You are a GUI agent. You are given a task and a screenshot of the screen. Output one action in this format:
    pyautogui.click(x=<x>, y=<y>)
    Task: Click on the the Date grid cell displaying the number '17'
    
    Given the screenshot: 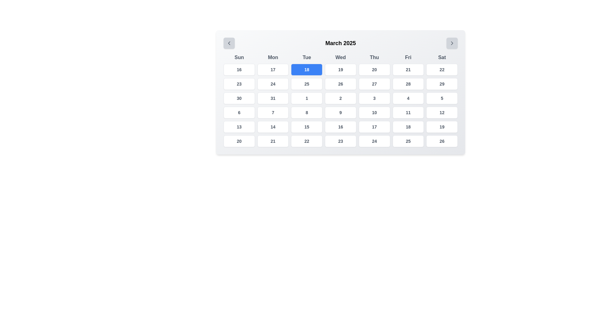 What is the action you would take?
    pyautogui.click(x=374, y=127)
    